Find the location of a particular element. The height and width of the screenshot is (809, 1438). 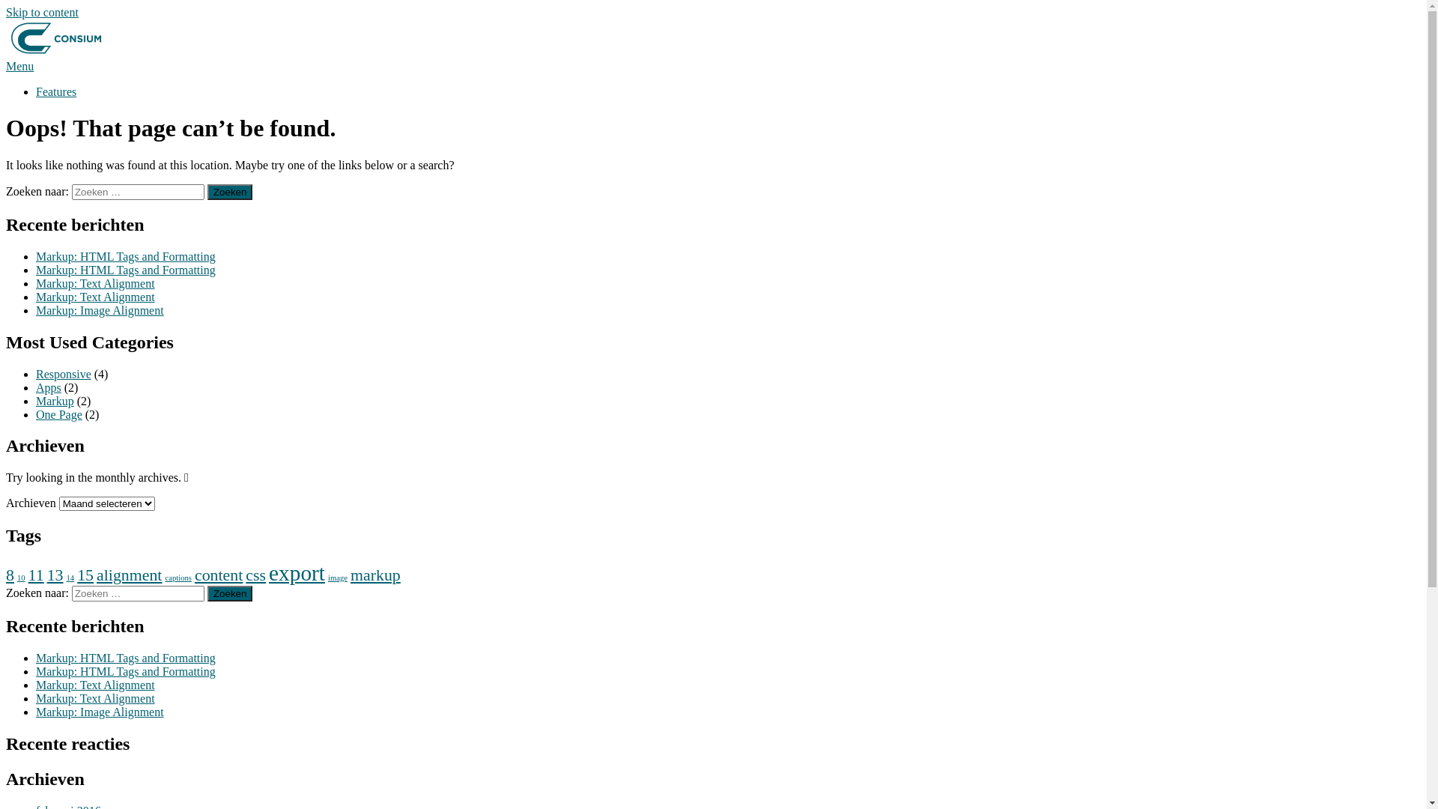

'alignment' is located at coordinates (129, 574).